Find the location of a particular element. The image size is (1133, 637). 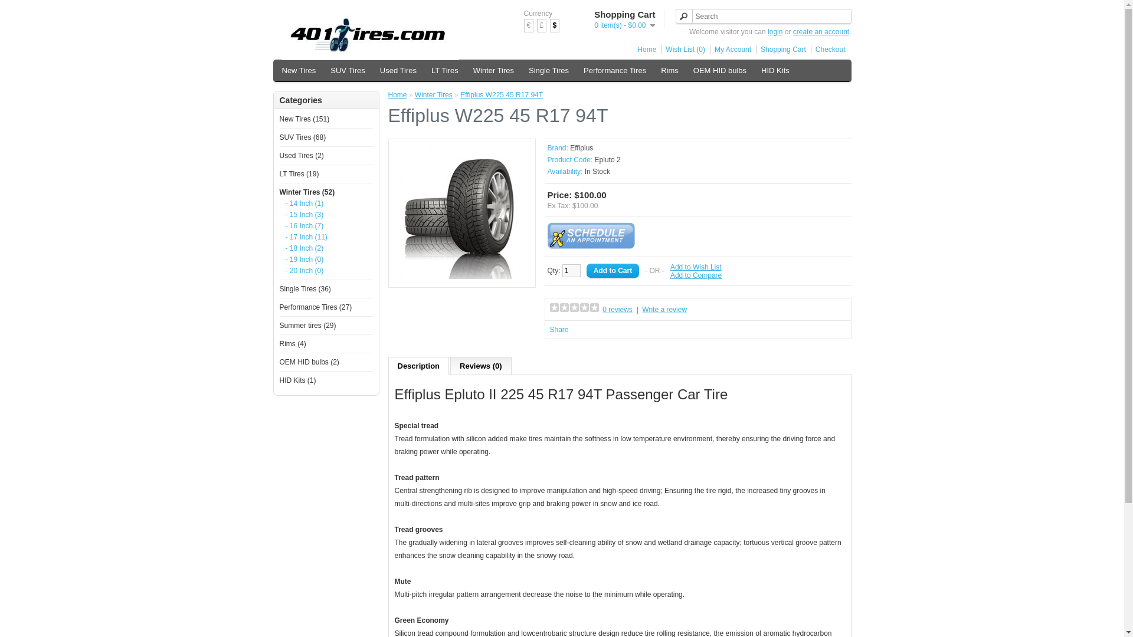

'Checkout' is located at coordinates (827, 49).